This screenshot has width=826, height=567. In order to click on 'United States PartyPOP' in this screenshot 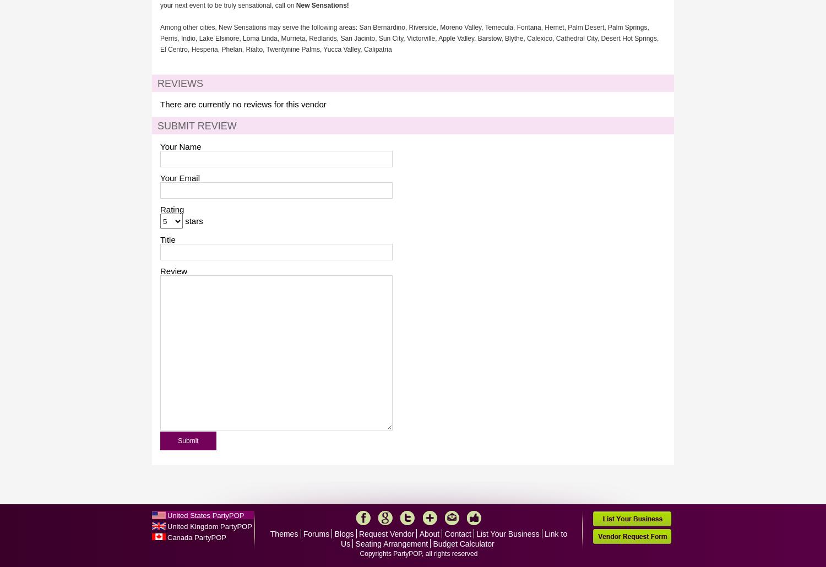, I will do `click(167, 515)`.